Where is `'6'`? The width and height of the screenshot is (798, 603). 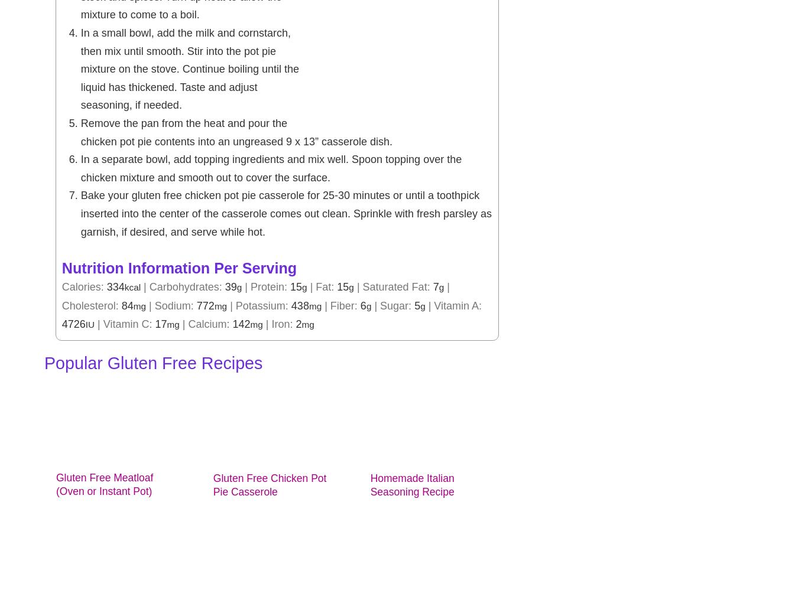
'6' is located at coordinates (362, 305).